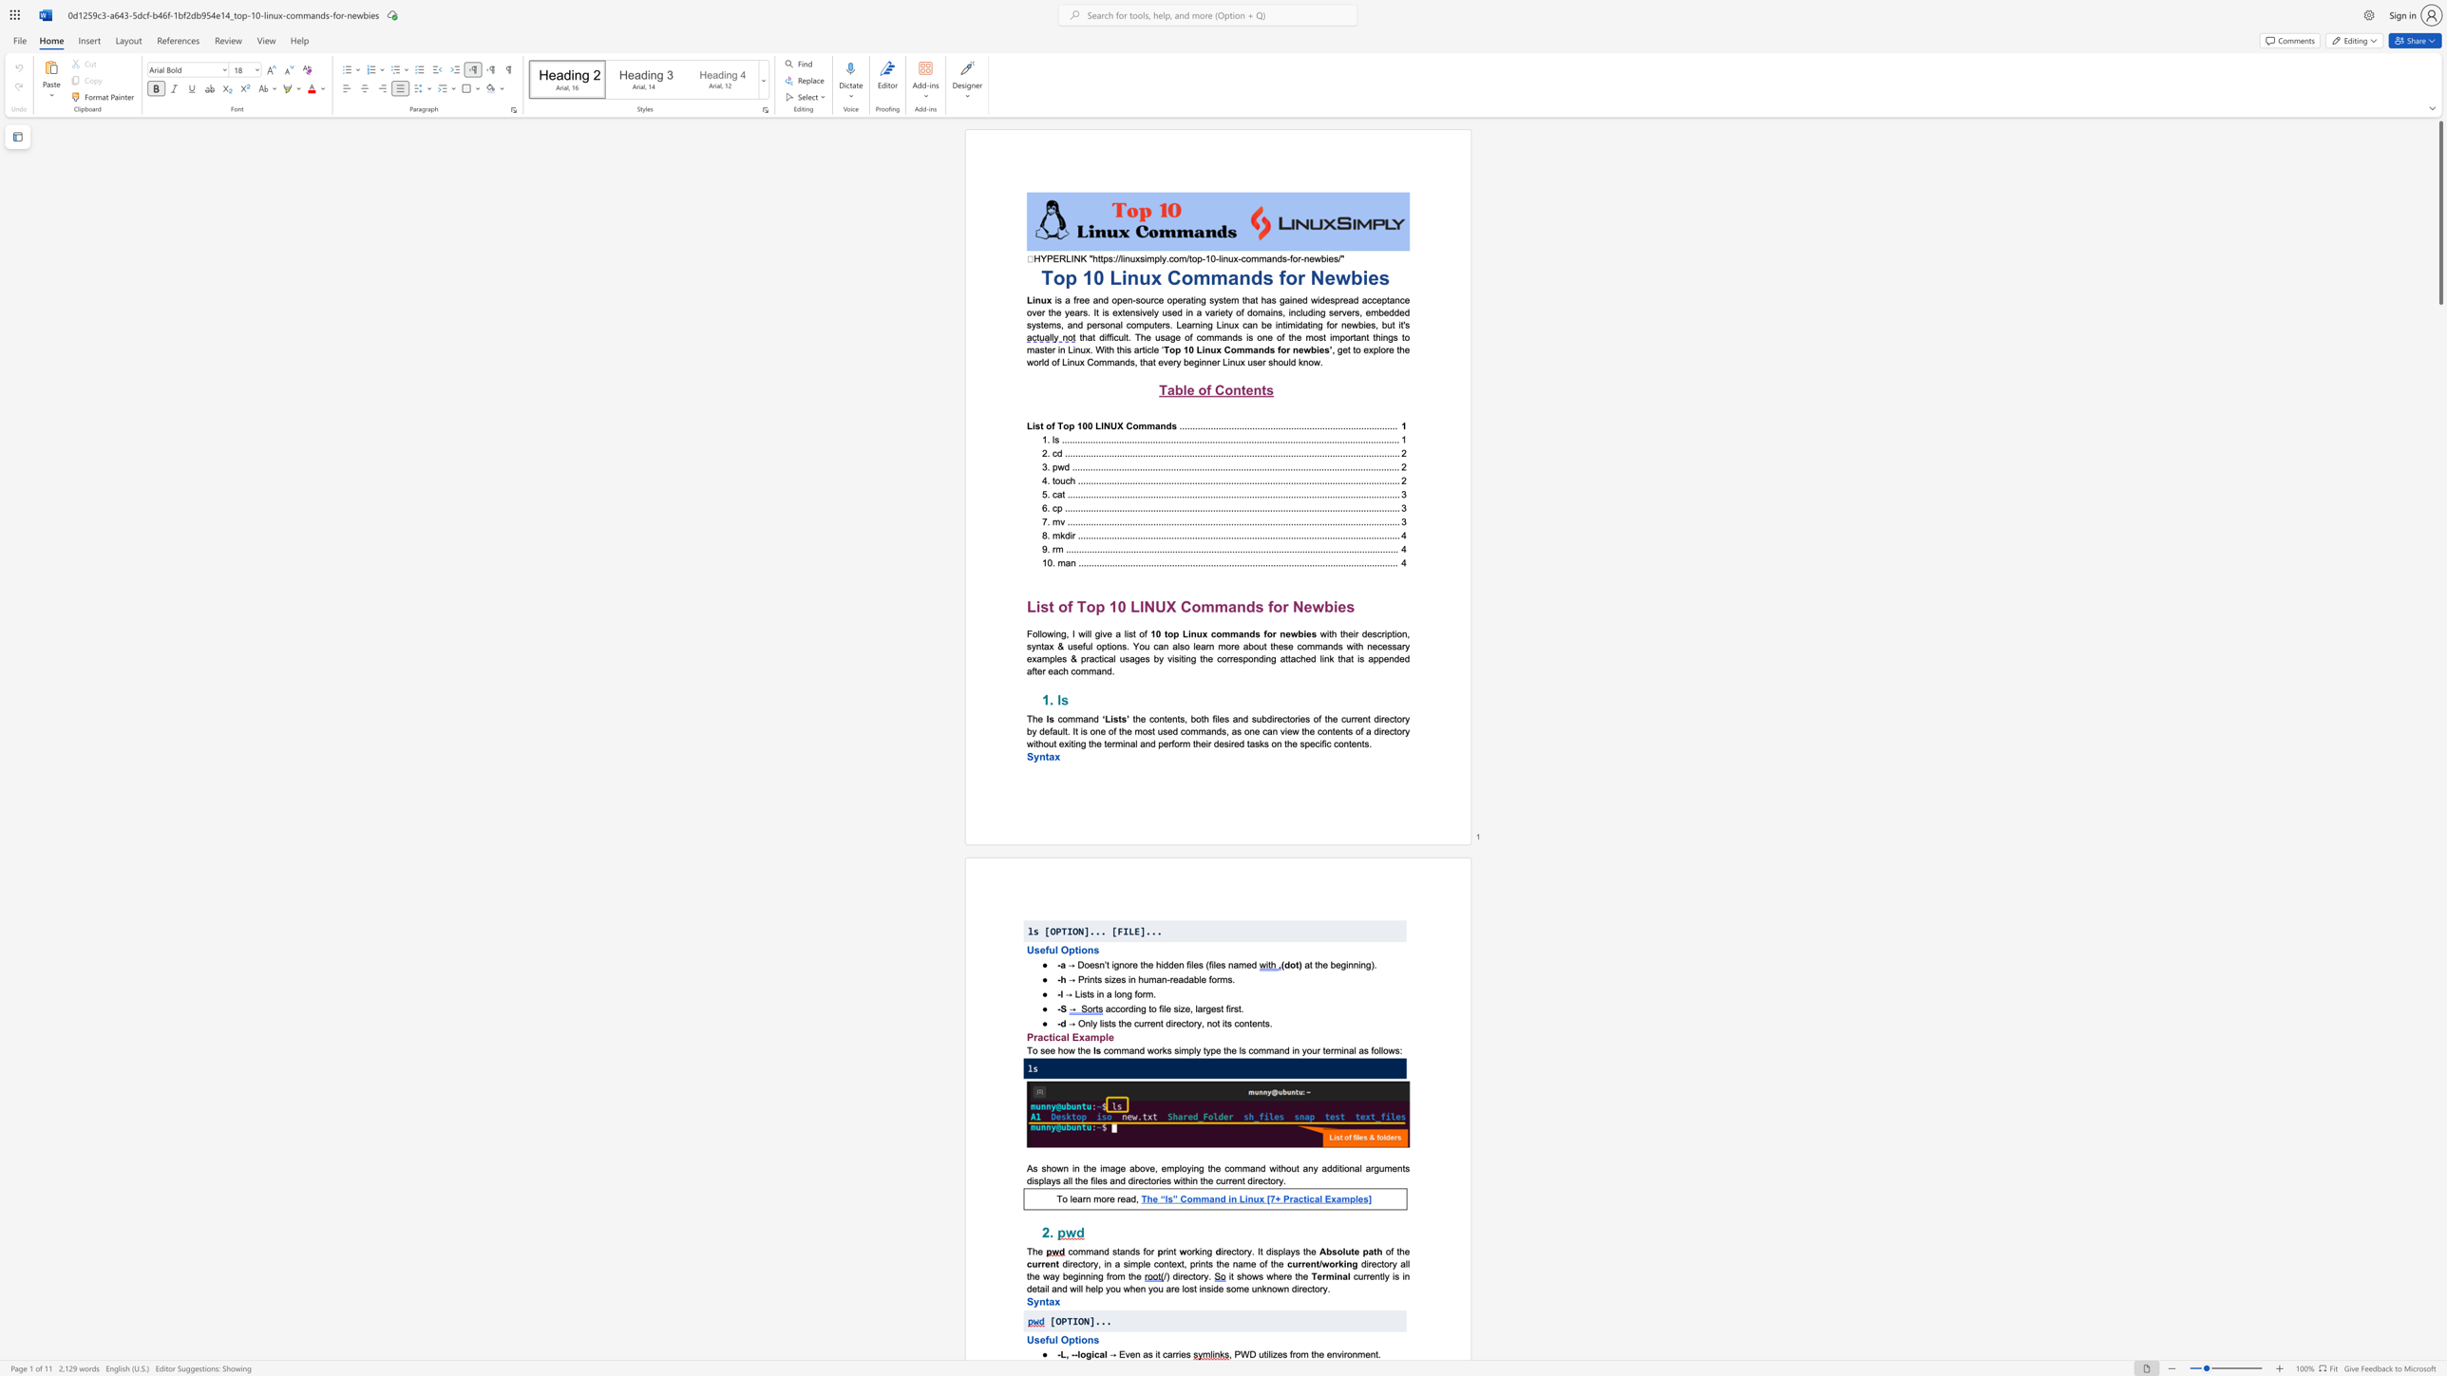 This screenshot has height=1376, width=2447. What do you see at coordinates (1325, 963) in the screenshot?
I see `the 1th character "e" in the text` at bounding box center [1325, 963].